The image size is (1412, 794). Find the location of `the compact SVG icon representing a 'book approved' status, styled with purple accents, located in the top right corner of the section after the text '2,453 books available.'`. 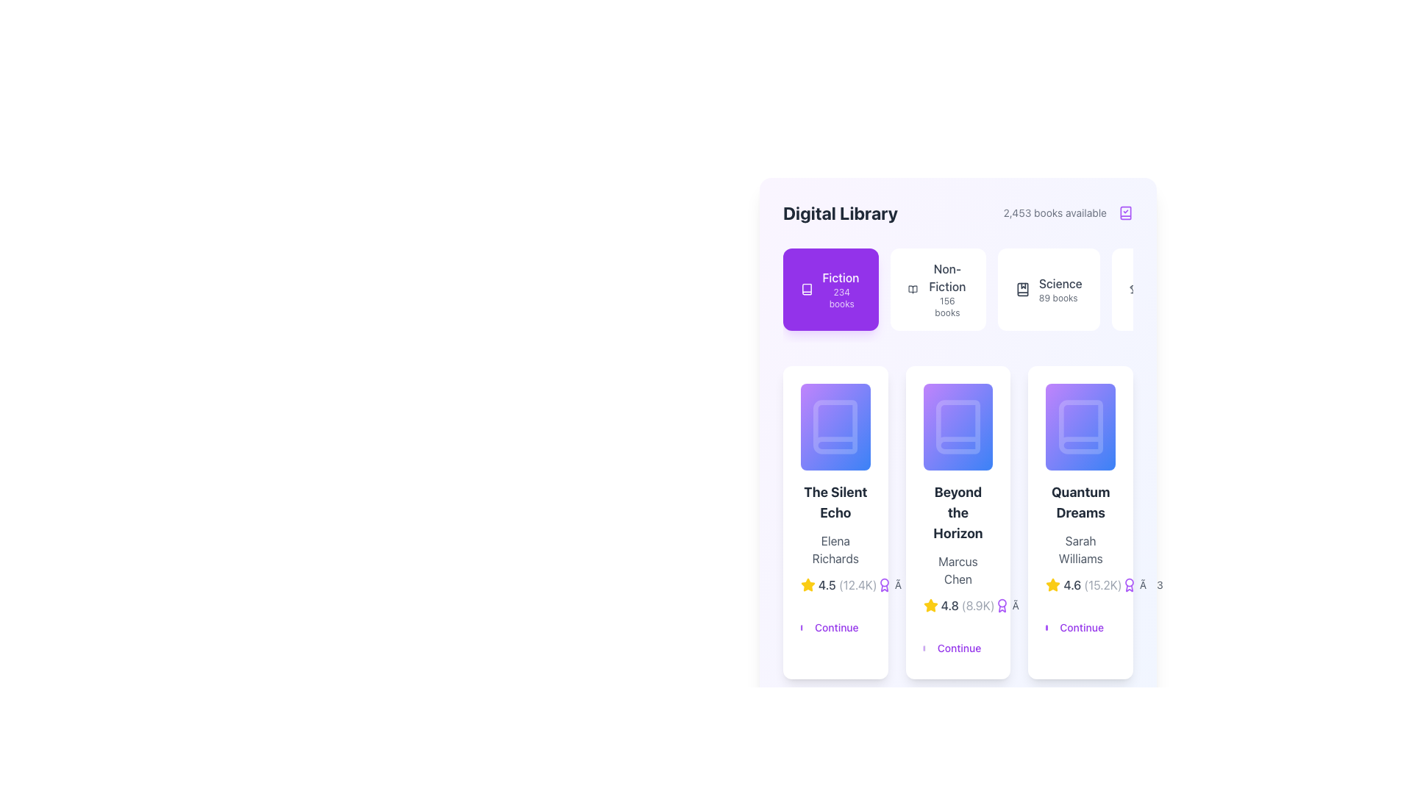

the compact SVG icon representing a 'book approved' status, styled with purple accents, located in the top right corner of the section after the text '2,453 books available.' is located at coordinates (1125, 212).